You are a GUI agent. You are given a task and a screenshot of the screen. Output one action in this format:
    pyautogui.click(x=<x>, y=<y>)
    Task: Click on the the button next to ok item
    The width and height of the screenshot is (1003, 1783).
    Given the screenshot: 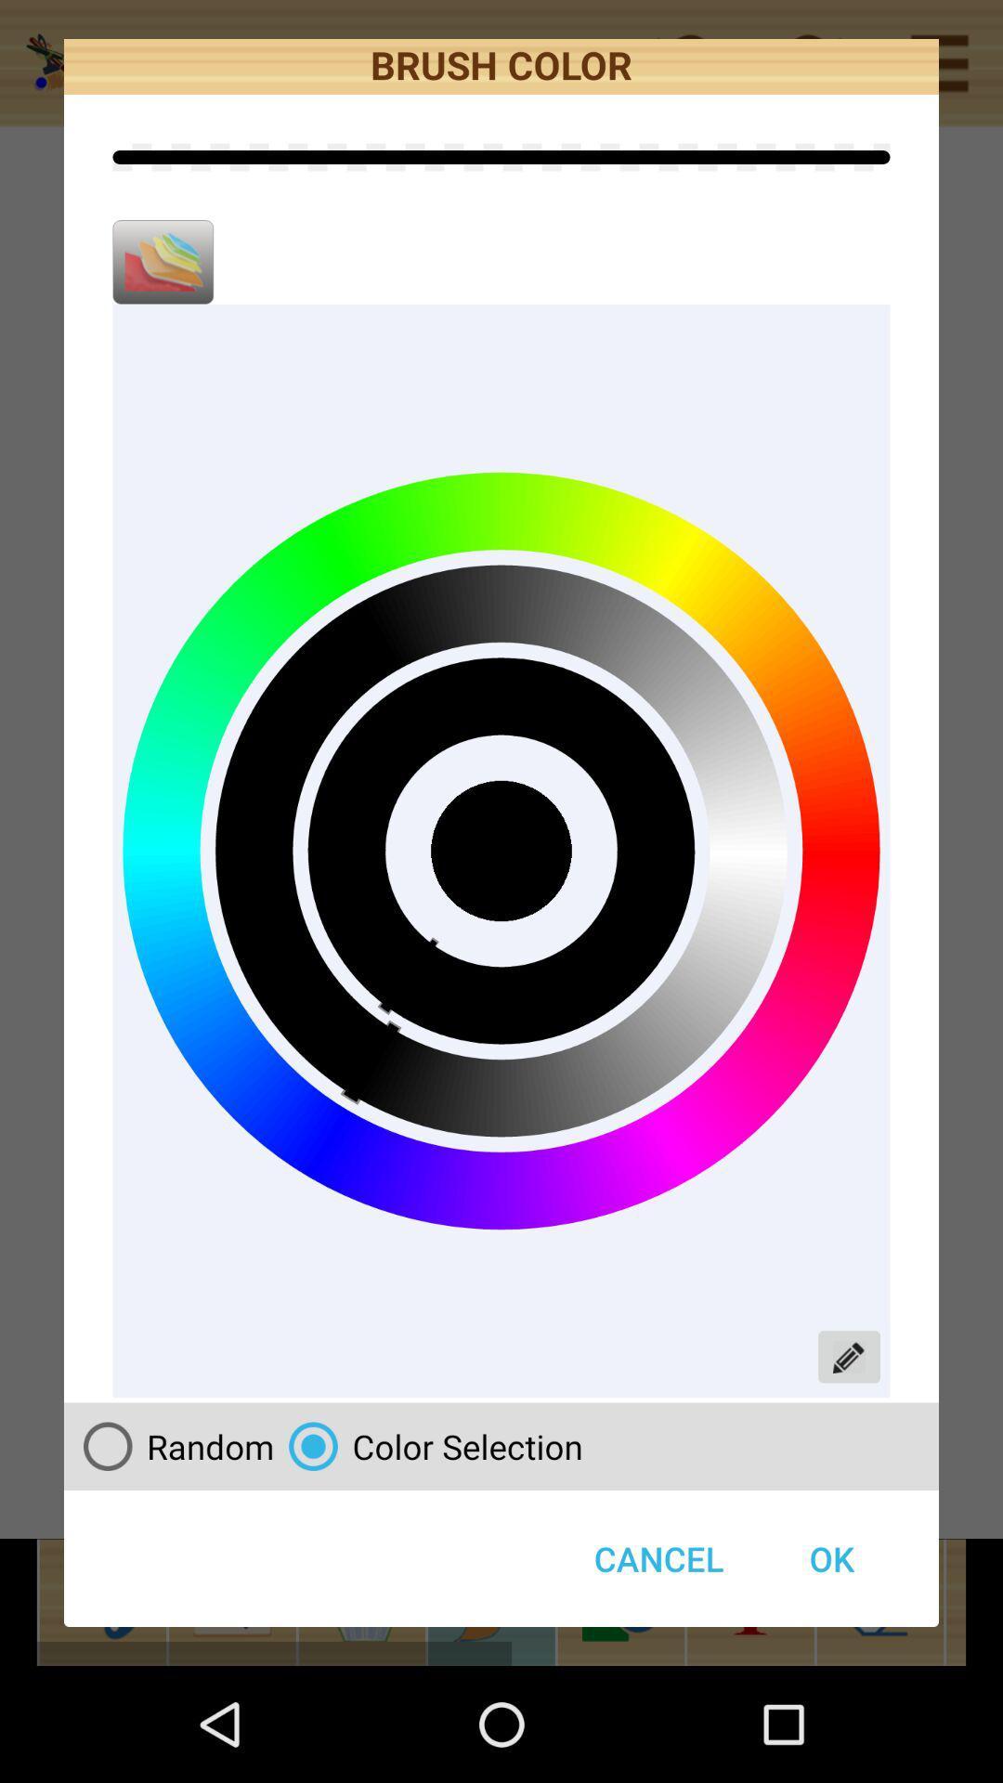 What is the action you would take?
    pyautogui.click(x=658, y=1558)
    